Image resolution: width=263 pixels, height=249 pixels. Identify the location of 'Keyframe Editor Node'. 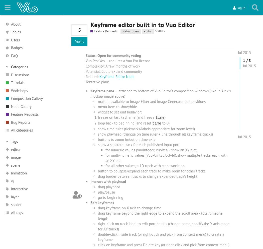
(99, 76).